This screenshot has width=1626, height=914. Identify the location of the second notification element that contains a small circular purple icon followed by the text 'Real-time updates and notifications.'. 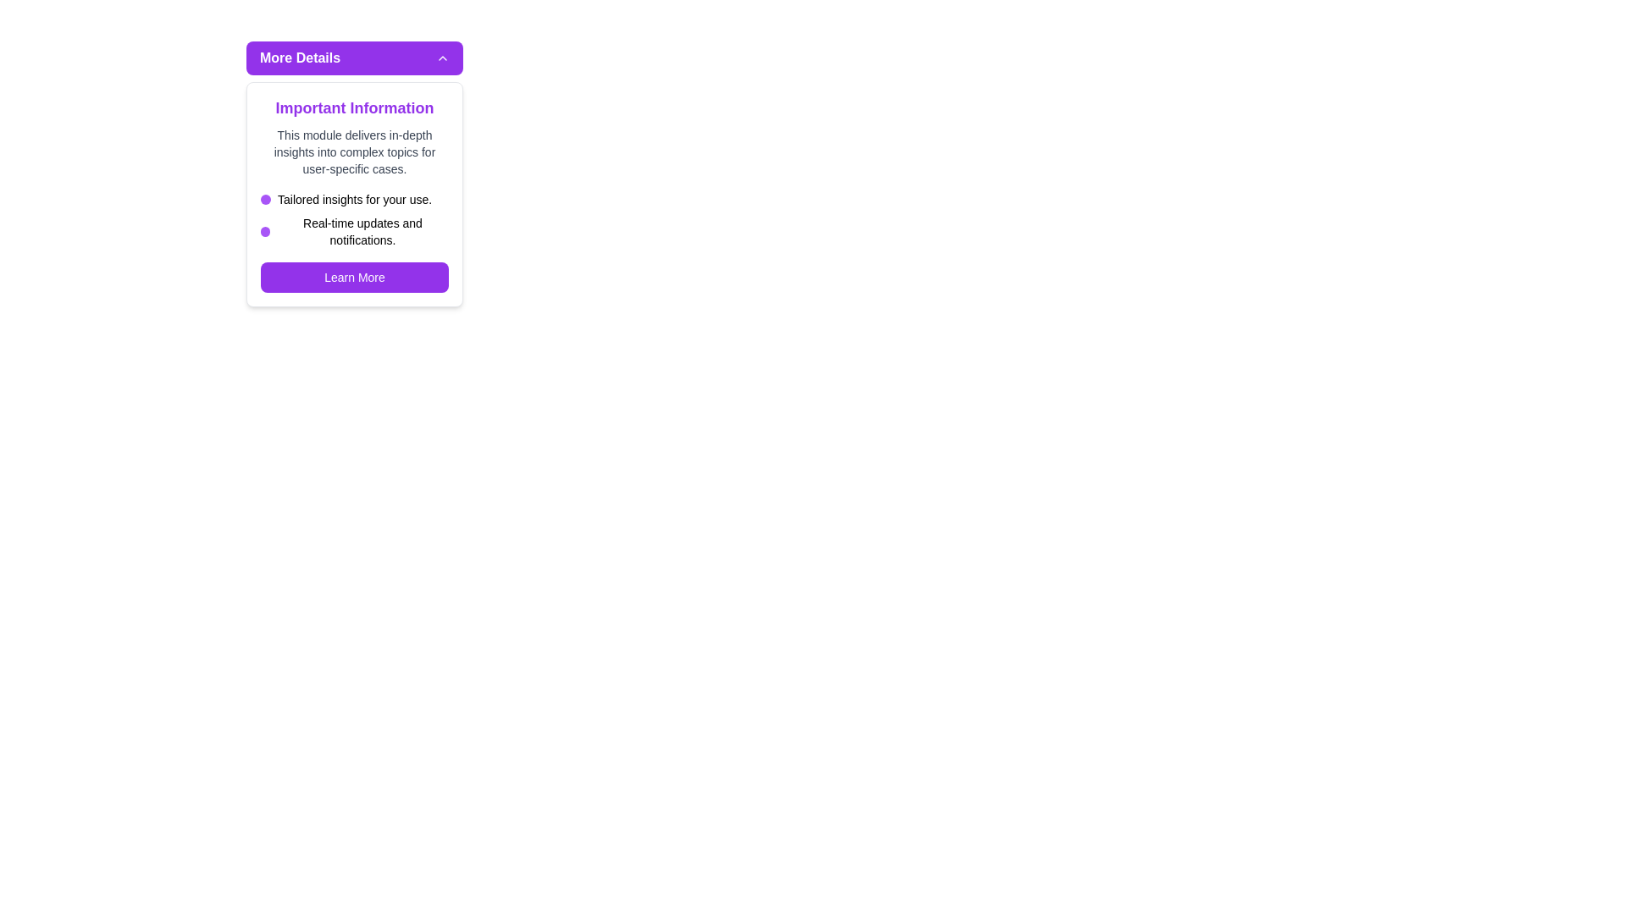
(353, 231).